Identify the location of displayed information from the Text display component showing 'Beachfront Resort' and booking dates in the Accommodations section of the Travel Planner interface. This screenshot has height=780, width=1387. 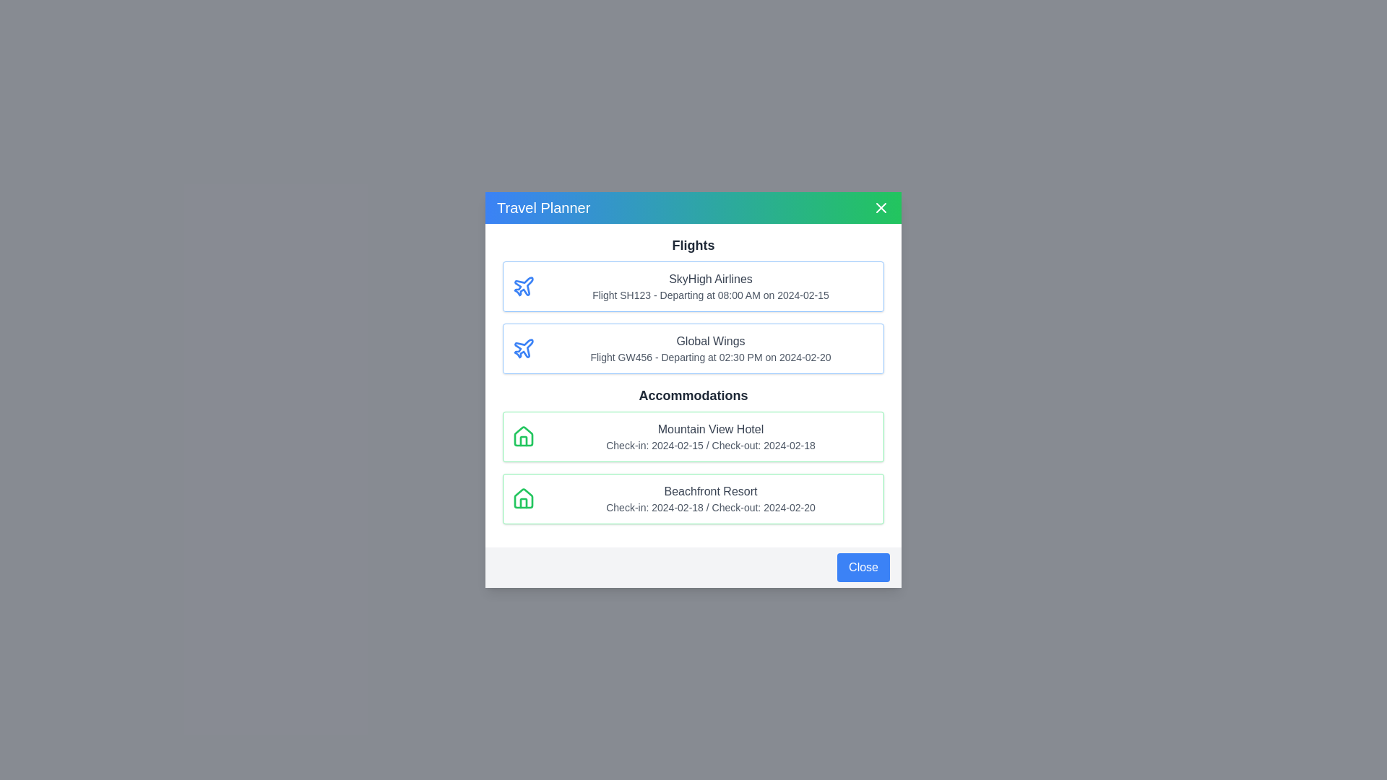
(710, 498).